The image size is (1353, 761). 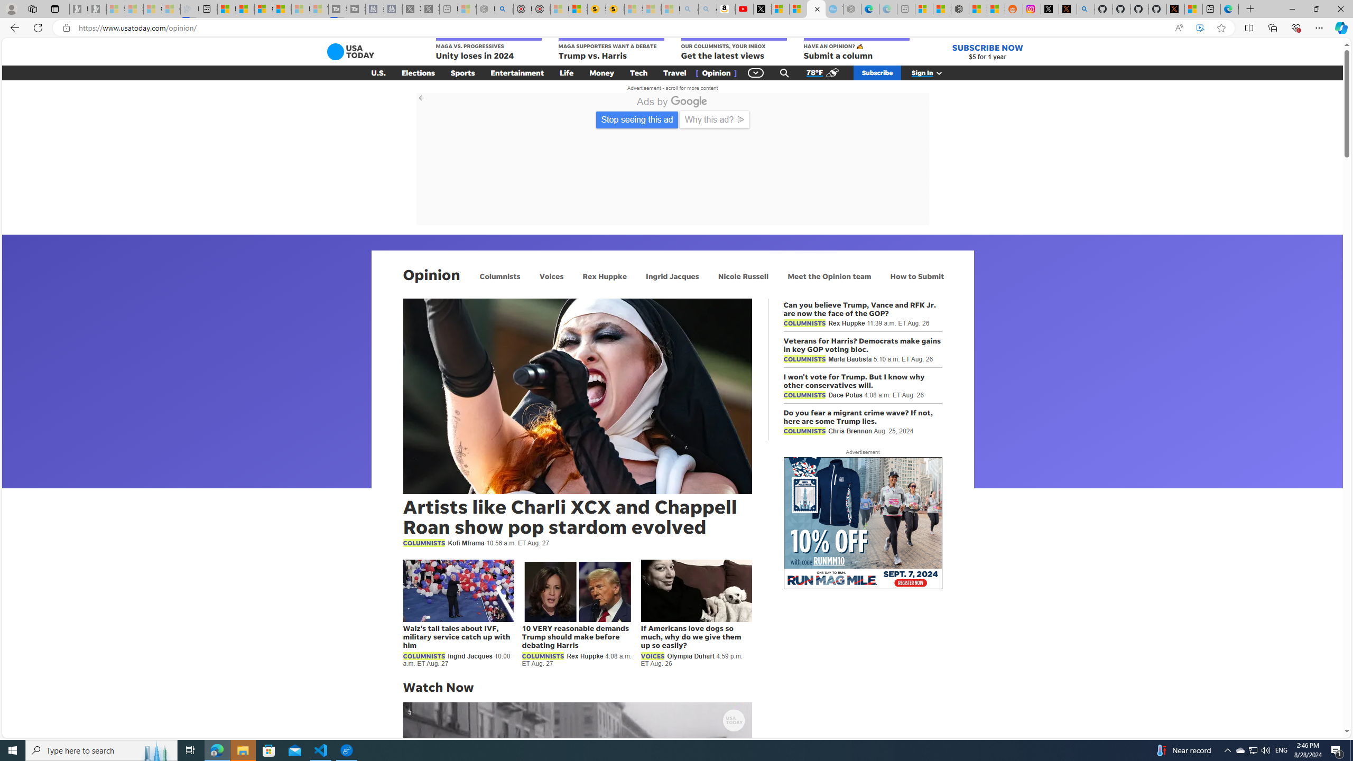 What do you see at coordinates (638, 72) in the screenshot?
I see `'Tech'` at bounding box center [638, 72].